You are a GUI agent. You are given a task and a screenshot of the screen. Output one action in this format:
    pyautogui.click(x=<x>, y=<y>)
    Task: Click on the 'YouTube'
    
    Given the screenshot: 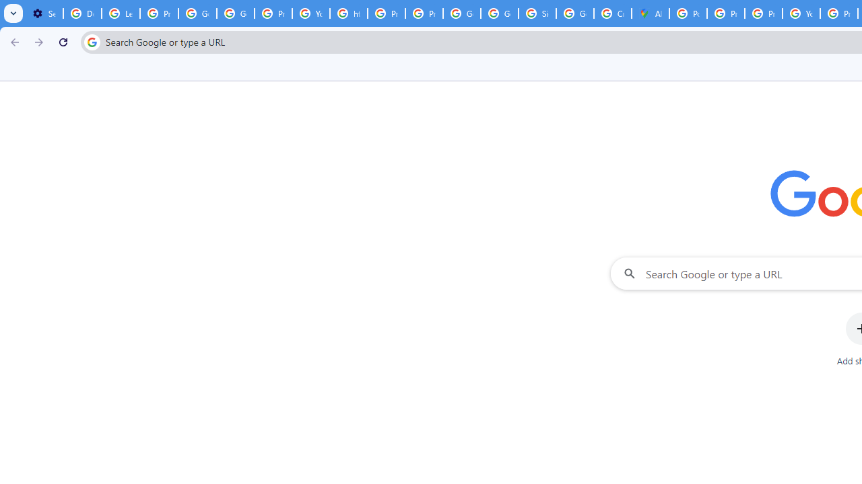 What is the action you would take?
    pyautogui.click(x=310, y=13)
    